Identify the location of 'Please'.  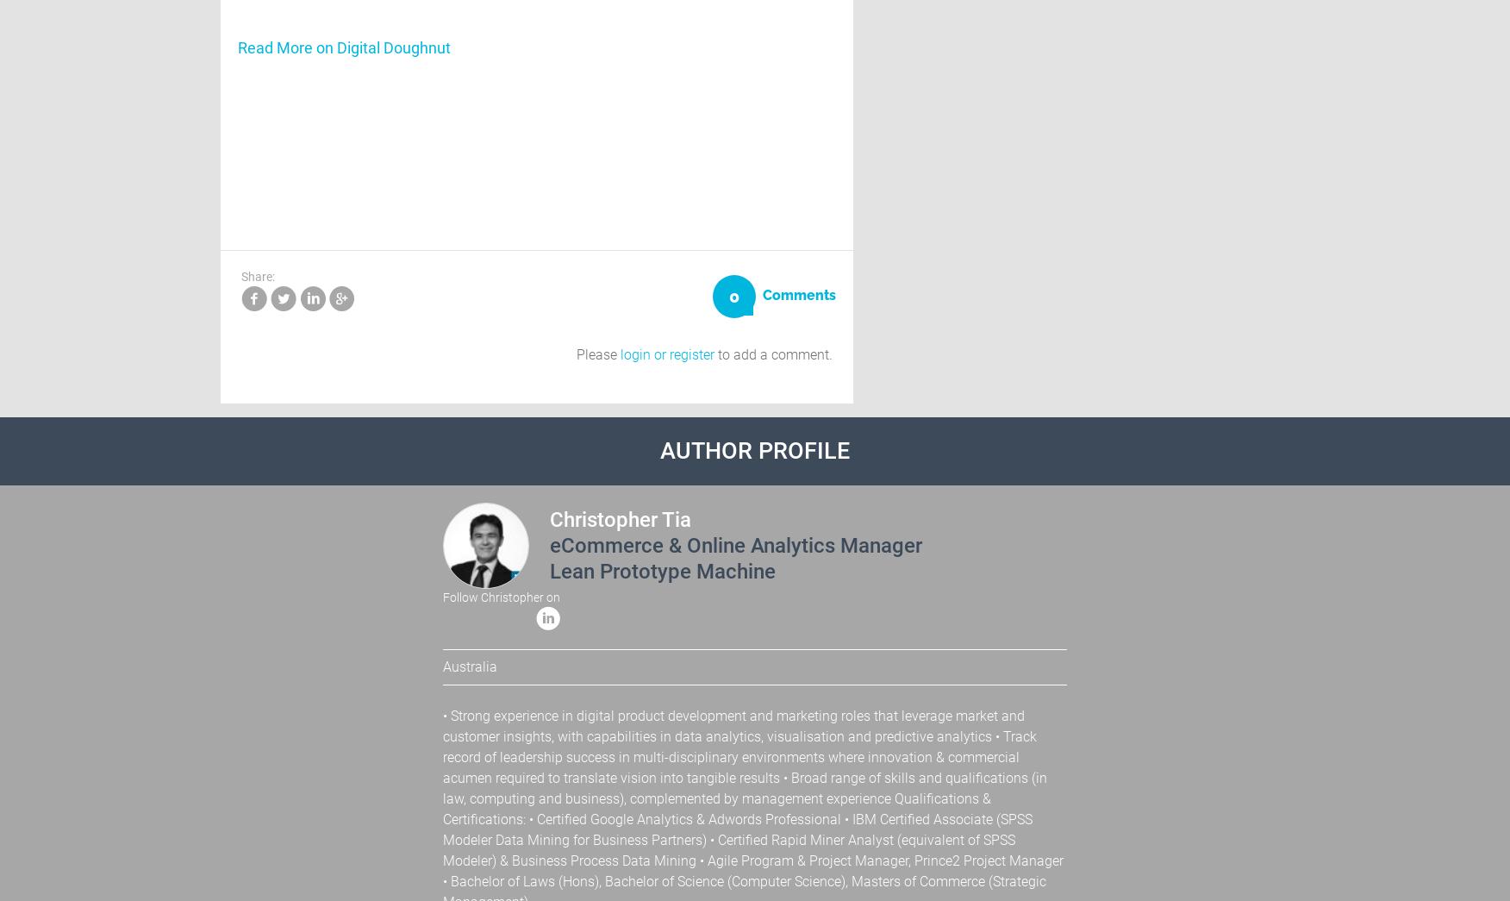
(597, 354).